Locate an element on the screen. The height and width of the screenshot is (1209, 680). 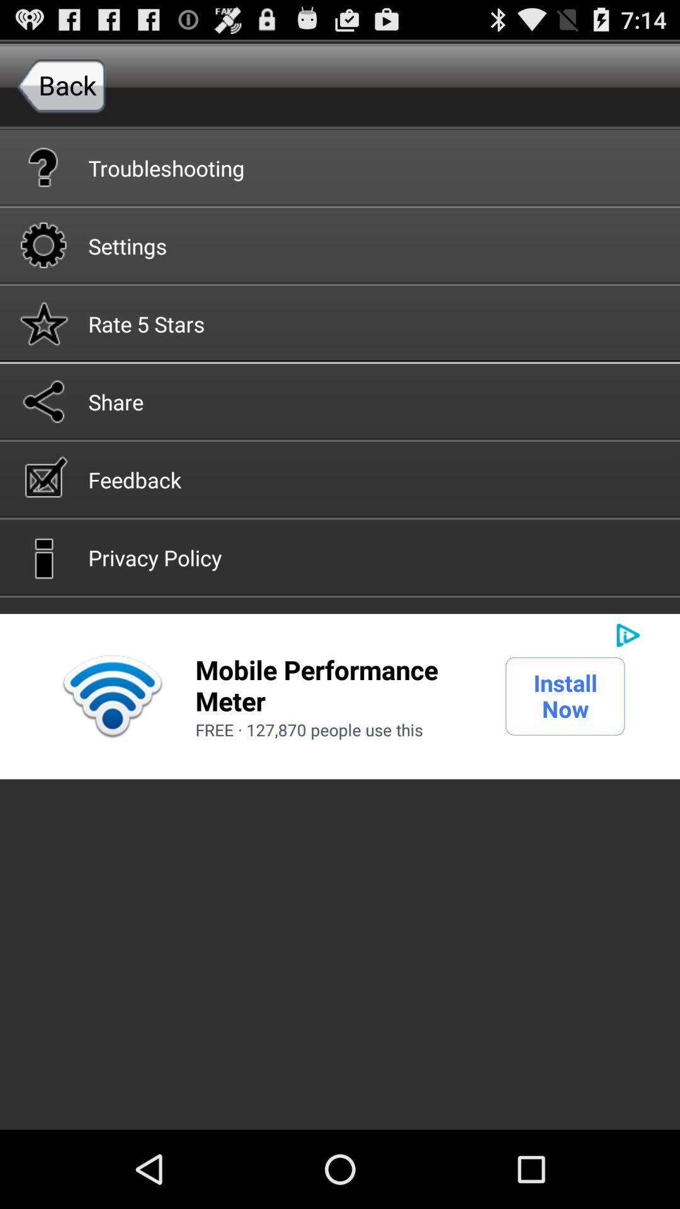
the install now item is located at coordinates (564, 695).